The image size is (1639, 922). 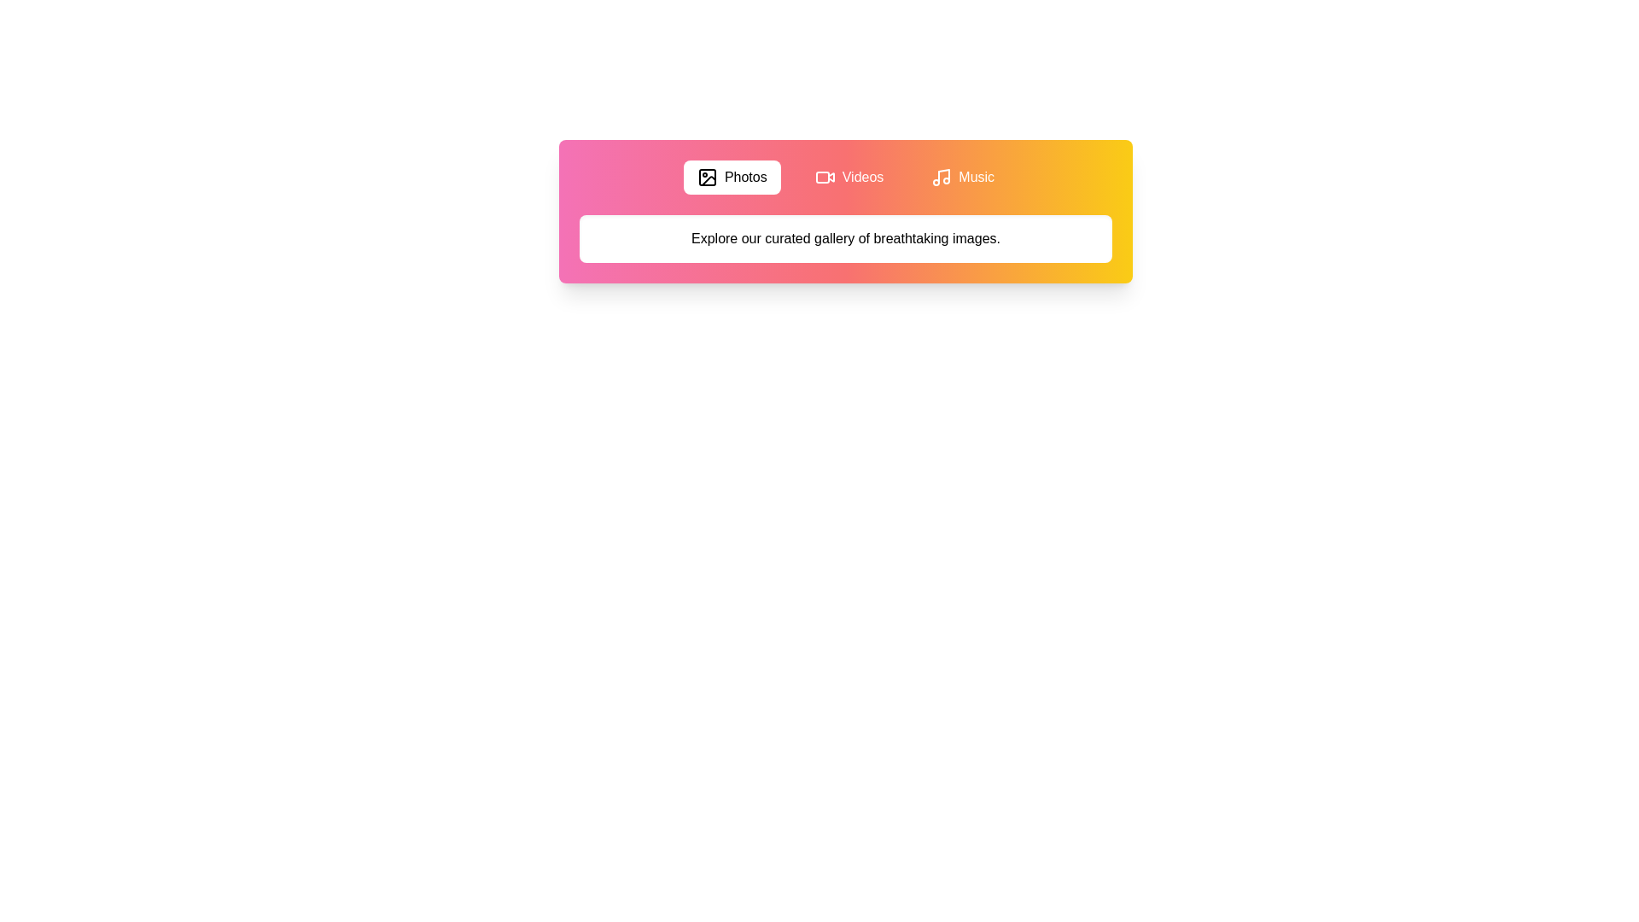 I want to click on the Photos tab by clicking its button, so click(x=732, y=178).